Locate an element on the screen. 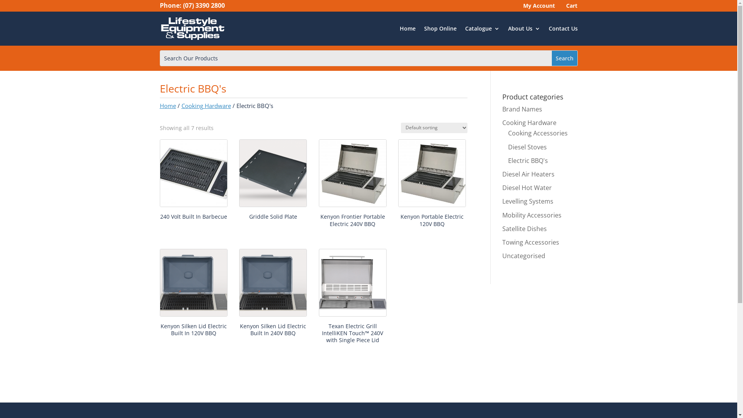 Image resolution: width=743 pixels, height=418 pixels. 'My Account' is located at coordinates (520, 7).